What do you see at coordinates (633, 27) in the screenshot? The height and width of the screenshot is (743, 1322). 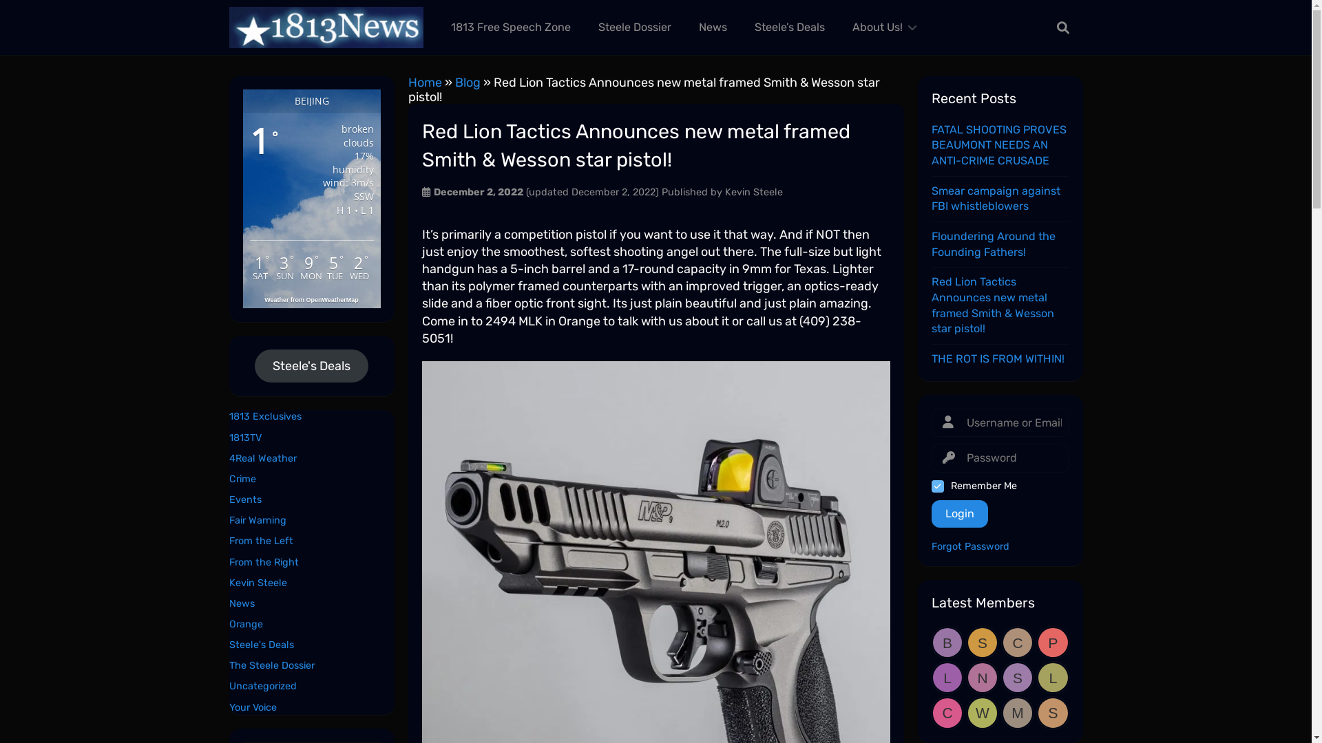 I see `'Steele Dossier'` at bounding box center [633, 27].